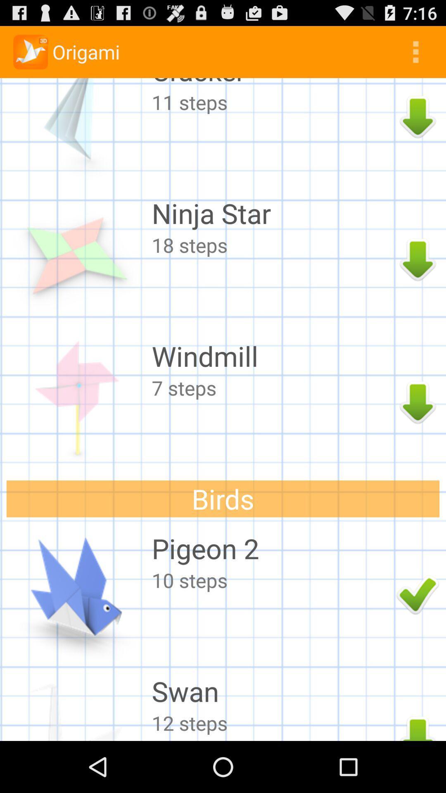  What do you see at coordinates (272, 356) in the screenshot?
I see `the windmill item` at bounding box center [272, 356].